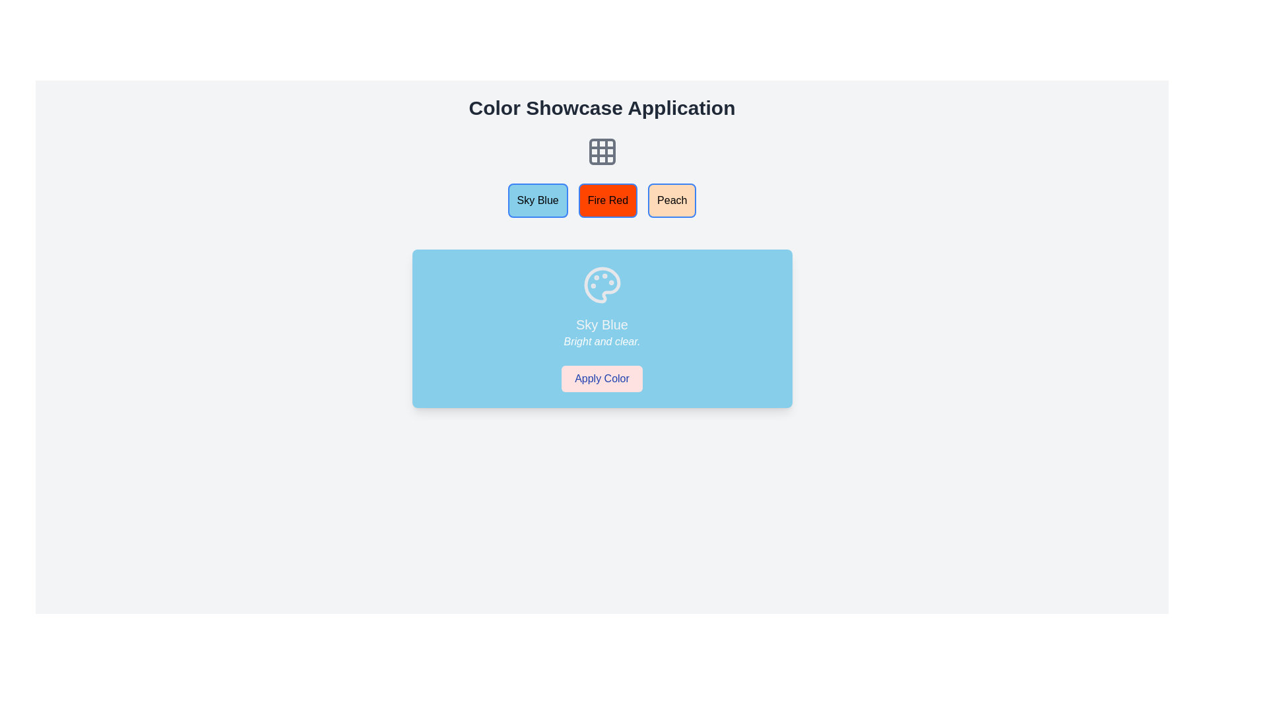 The image size is (1267, 713). I want to click on the 'Sky Blue' color theme card by reading the descriptive text or viewing the icon, located at the center of the card component, so click(601, 327).